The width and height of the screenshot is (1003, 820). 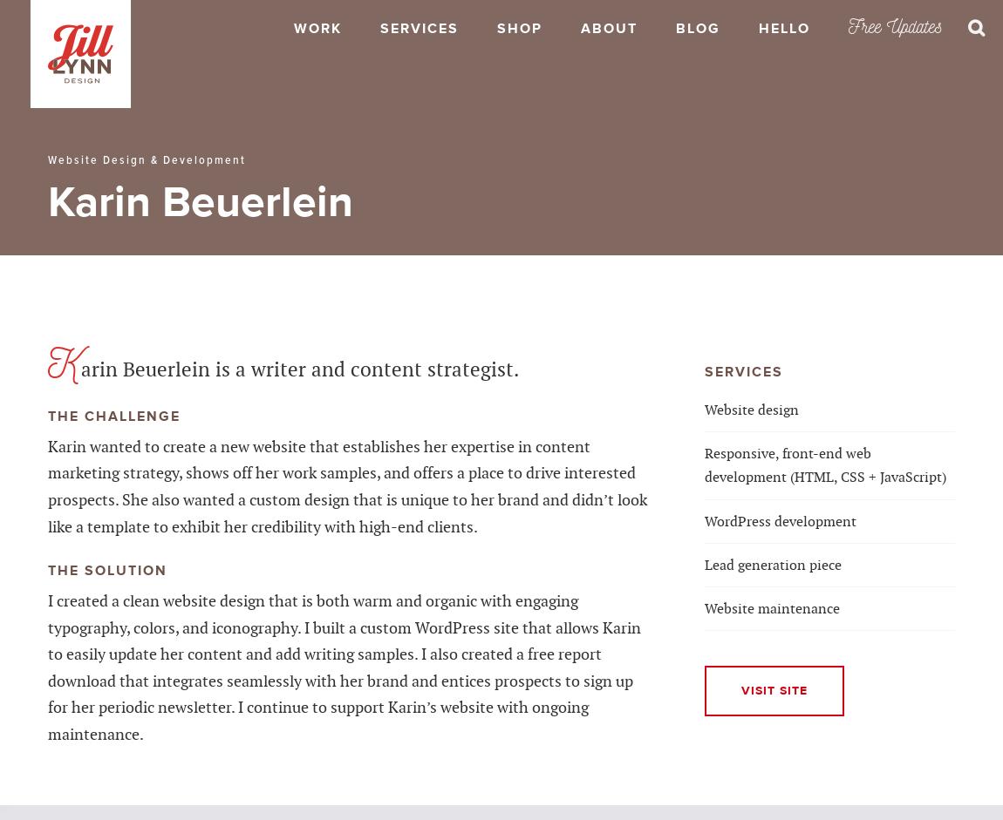 What do you see at coordinates (519, 29) in the screenshot?
I see `'Shop'` at bounding box center [519, 29].